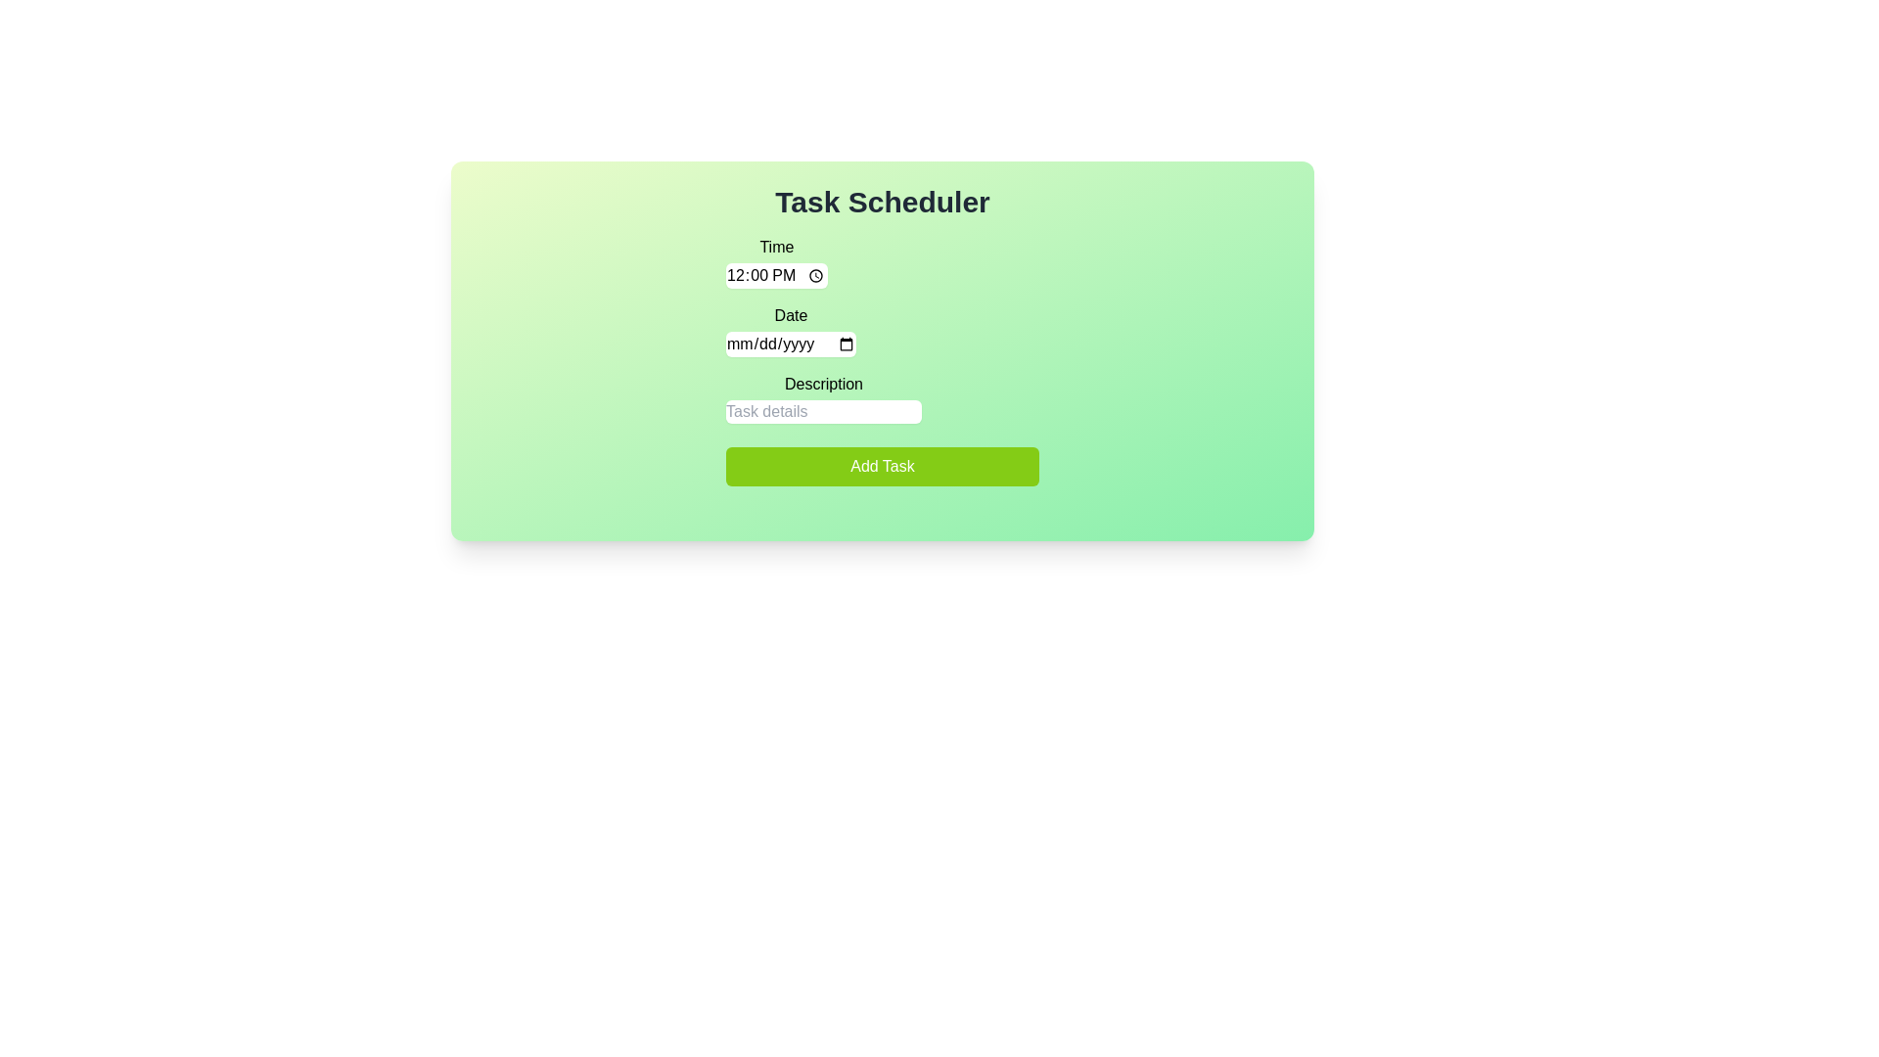 This screenshot has height=1057, width=1879. Describe the element at coordinates (775, 275) in the screenshot. I see `the time input field located directly beneath the 'Time' label` at that location.